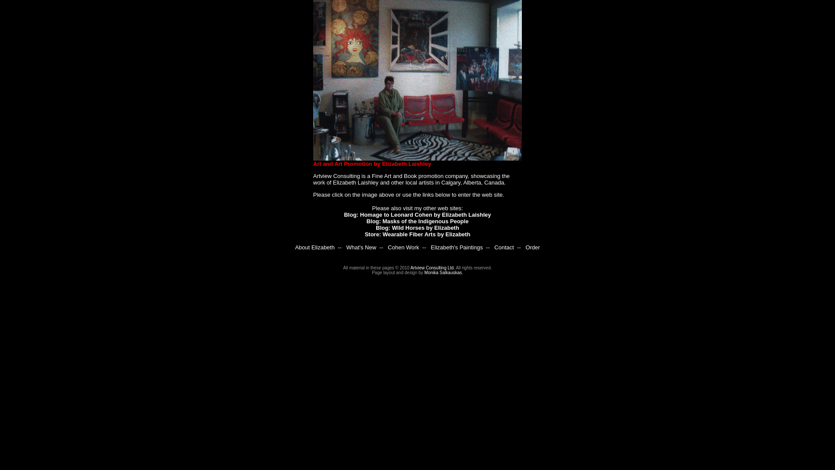 This screenshot has width=835, height=470. What do you see at coordinates (504, 247) in the screenshot?
I see `'Contact'` at bounding box center [504, 247].